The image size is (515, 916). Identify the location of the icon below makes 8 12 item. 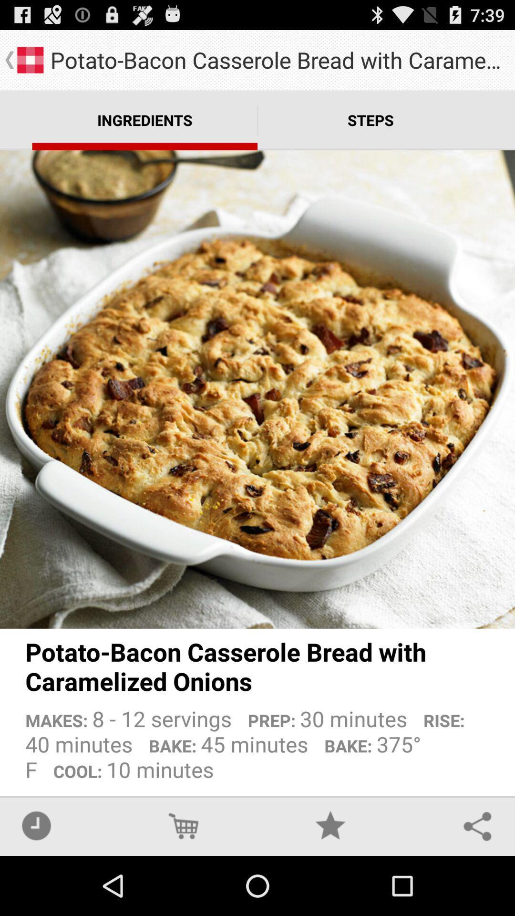
(330, 825).